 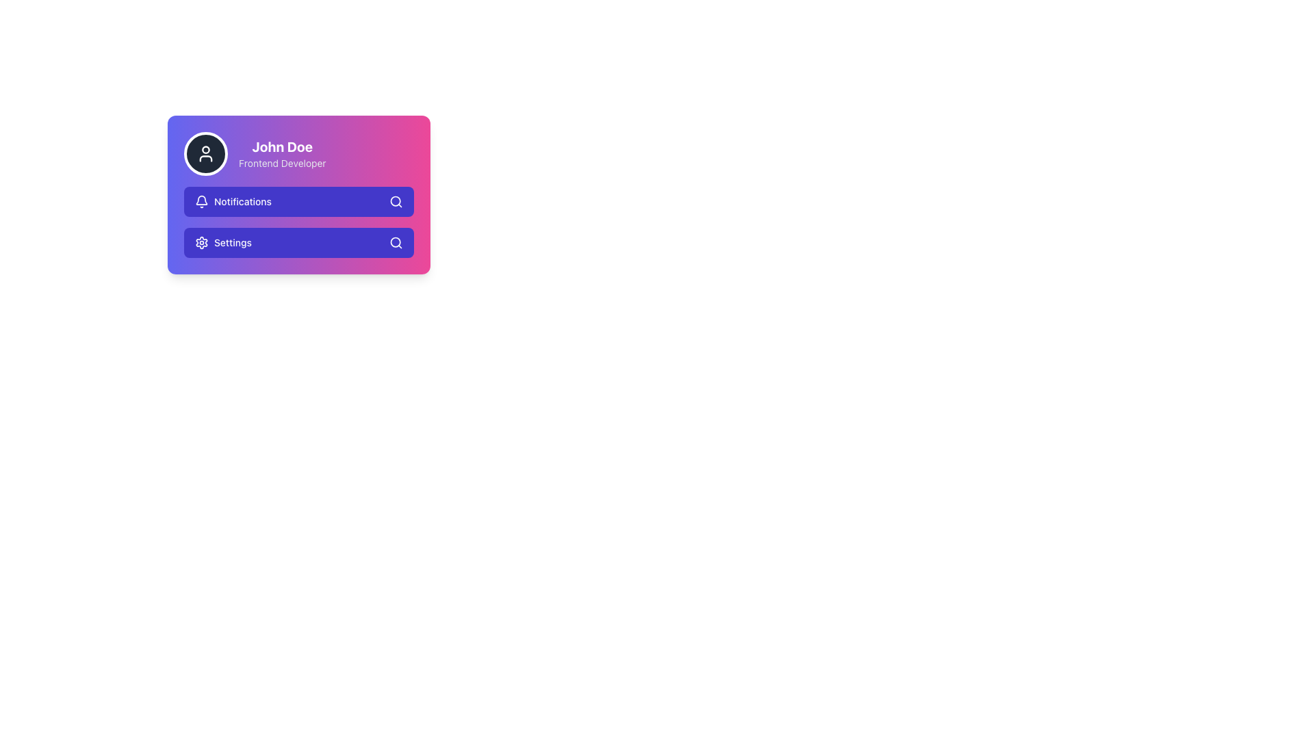 I want to click on the user profile icon located at the top-left section of the card component, so click(x=205, y=153).